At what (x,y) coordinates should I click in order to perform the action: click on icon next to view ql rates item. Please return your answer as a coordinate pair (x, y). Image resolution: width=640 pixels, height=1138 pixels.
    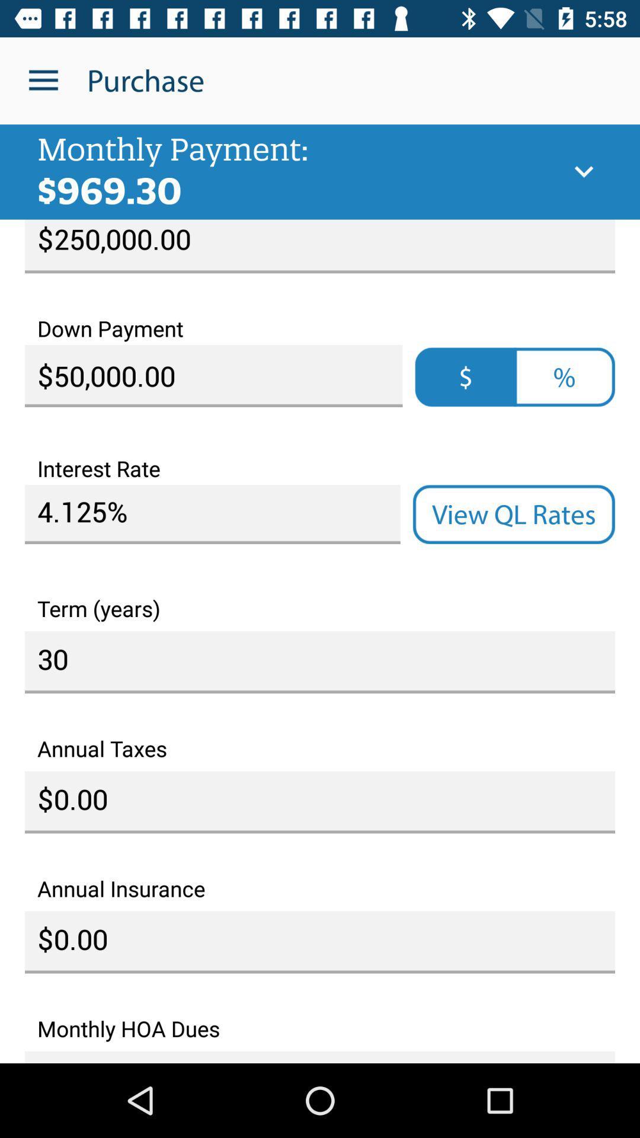
    Looking at the image, I should click on (212, 514).